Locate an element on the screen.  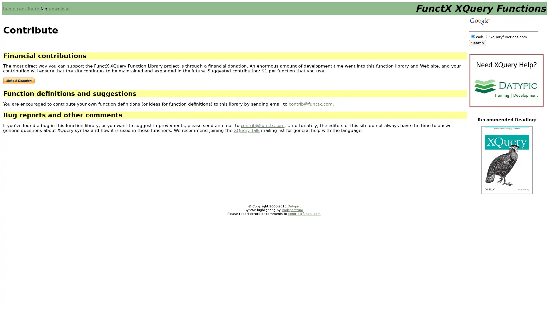
Search is located at coordinates (478, 43).